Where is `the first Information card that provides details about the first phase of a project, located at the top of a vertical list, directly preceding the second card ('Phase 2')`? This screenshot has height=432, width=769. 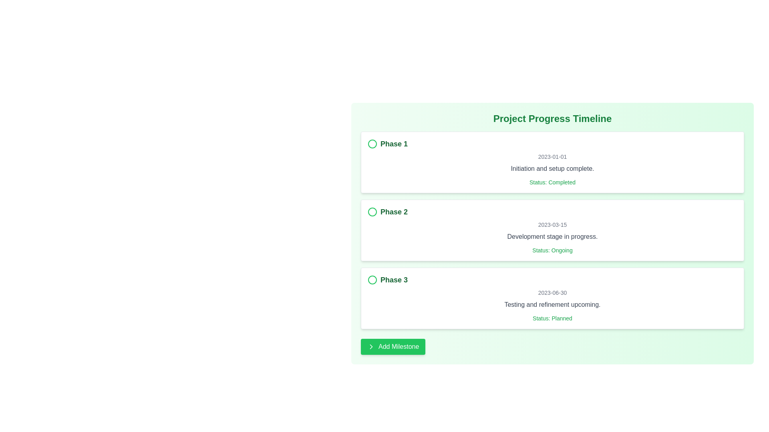 the first Information card that provides details about the first phase of a project, located at the top of a vertical list, directly preceding the second card ('Phase 2') is located at coordinates (552, 162).